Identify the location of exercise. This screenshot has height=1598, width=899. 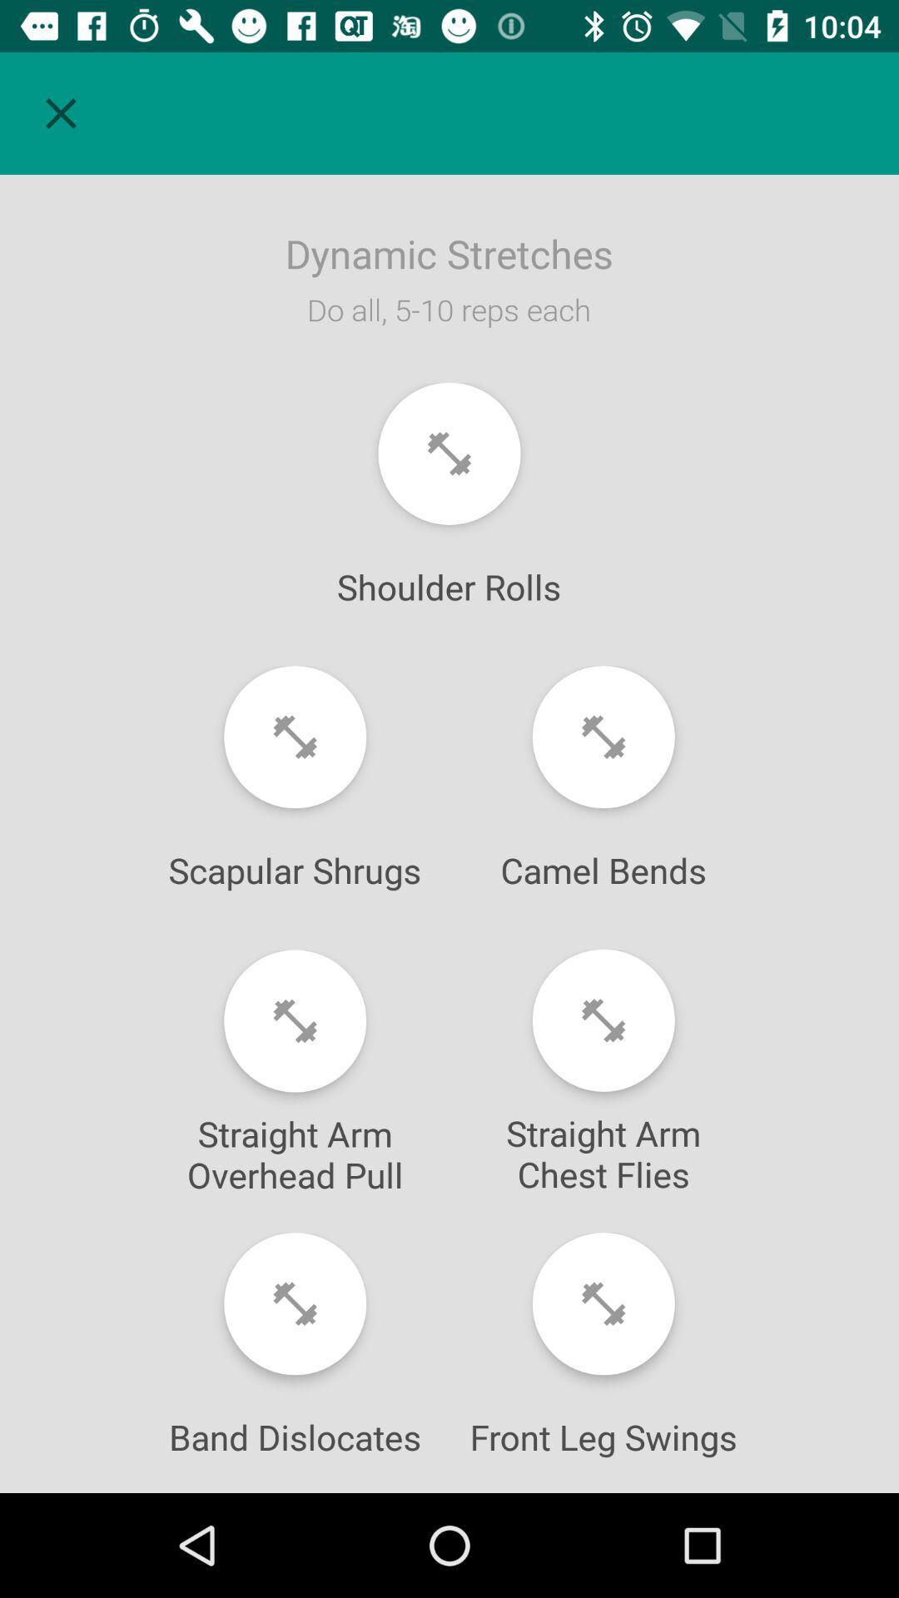
(603, 1020).